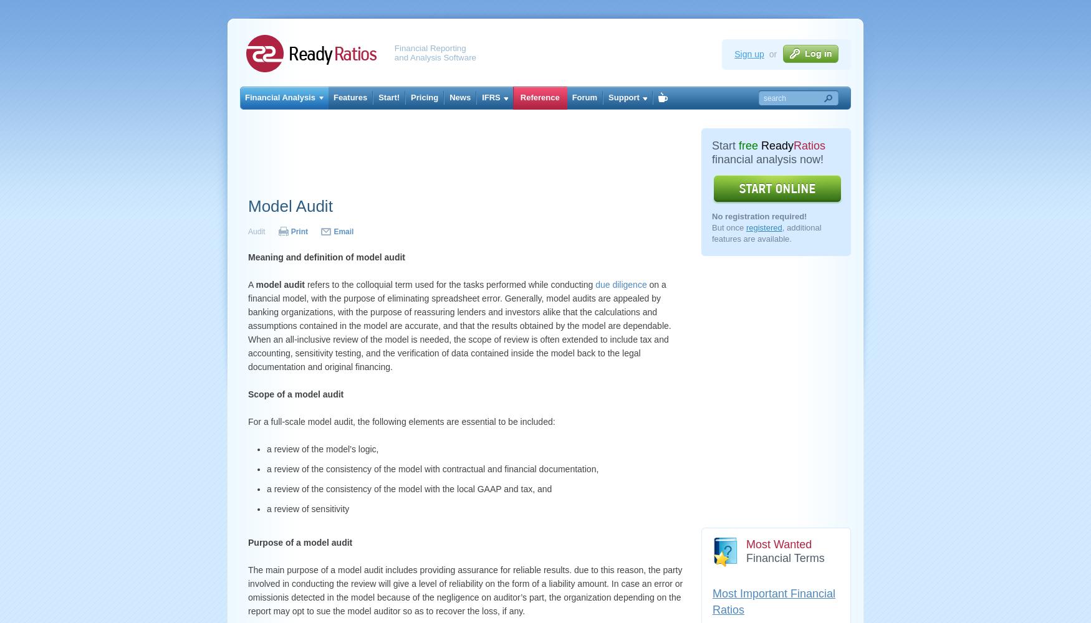 This screenshot has height=623, width=1091. I want to click on 'and Analysis Software', so click(435, 57).